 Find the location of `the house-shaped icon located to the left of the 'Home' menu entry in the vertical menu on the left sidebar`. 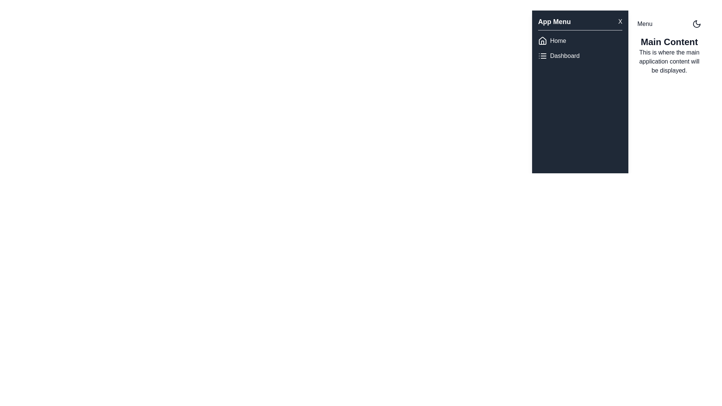

the house-shaped icon located to the left of the 'Home' menu entry in the vertical menu on the left sidebar is located at coordinates (543, 41).